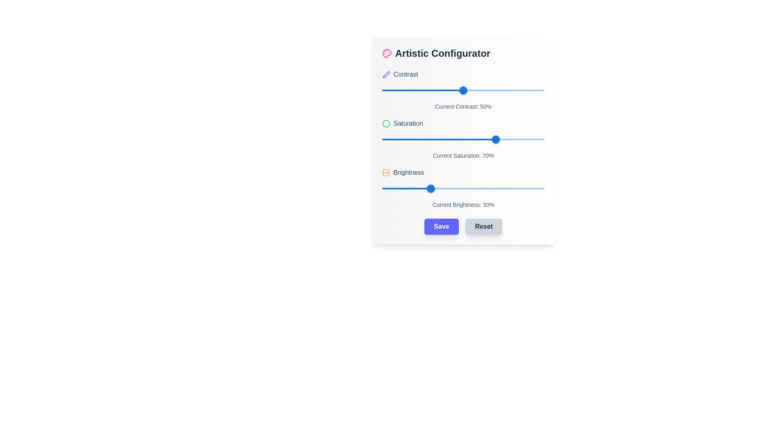 This screenshot has width=779, height=438. What do you see at coordinates (406, 75) in the screenshot?
I see `the 'Contrast' label that displays the text in gray color, positioned to the right of the indigo brush icon within the 'Artistic Configurator' control box` at bounding box center [406, 75].